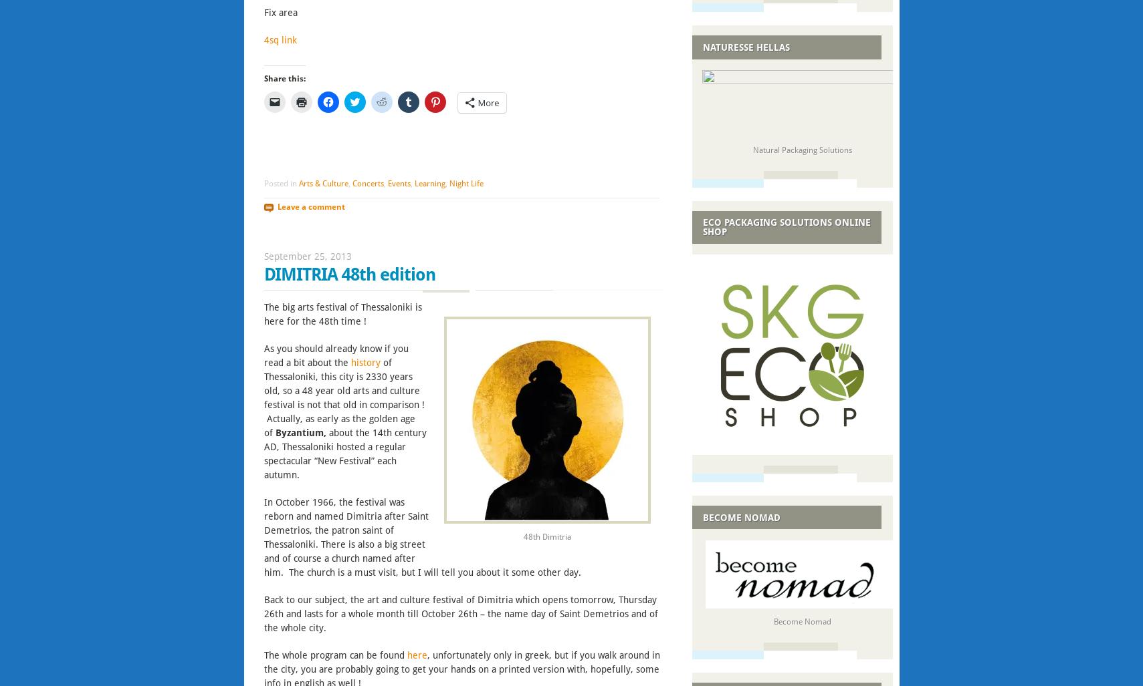 The height and width of the screenshot is (686, 1143). Describe the element at coordinates (344, 452) in the screenshot. I see `'about the 14th century AD, Thessaloniki hosted a regular spectacular “New Festival” each autumn.'` at that location.